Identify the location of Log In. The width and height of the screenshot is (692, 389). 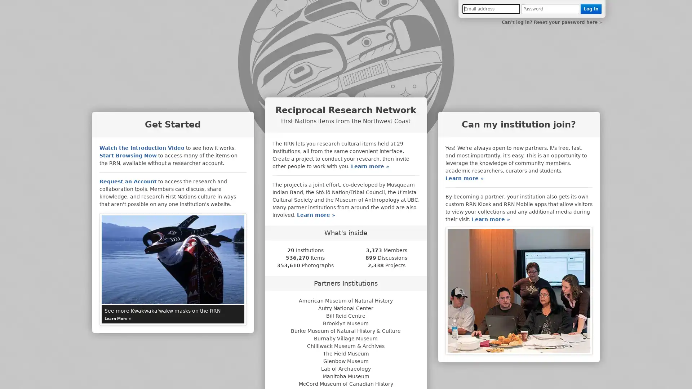
(591, 9).